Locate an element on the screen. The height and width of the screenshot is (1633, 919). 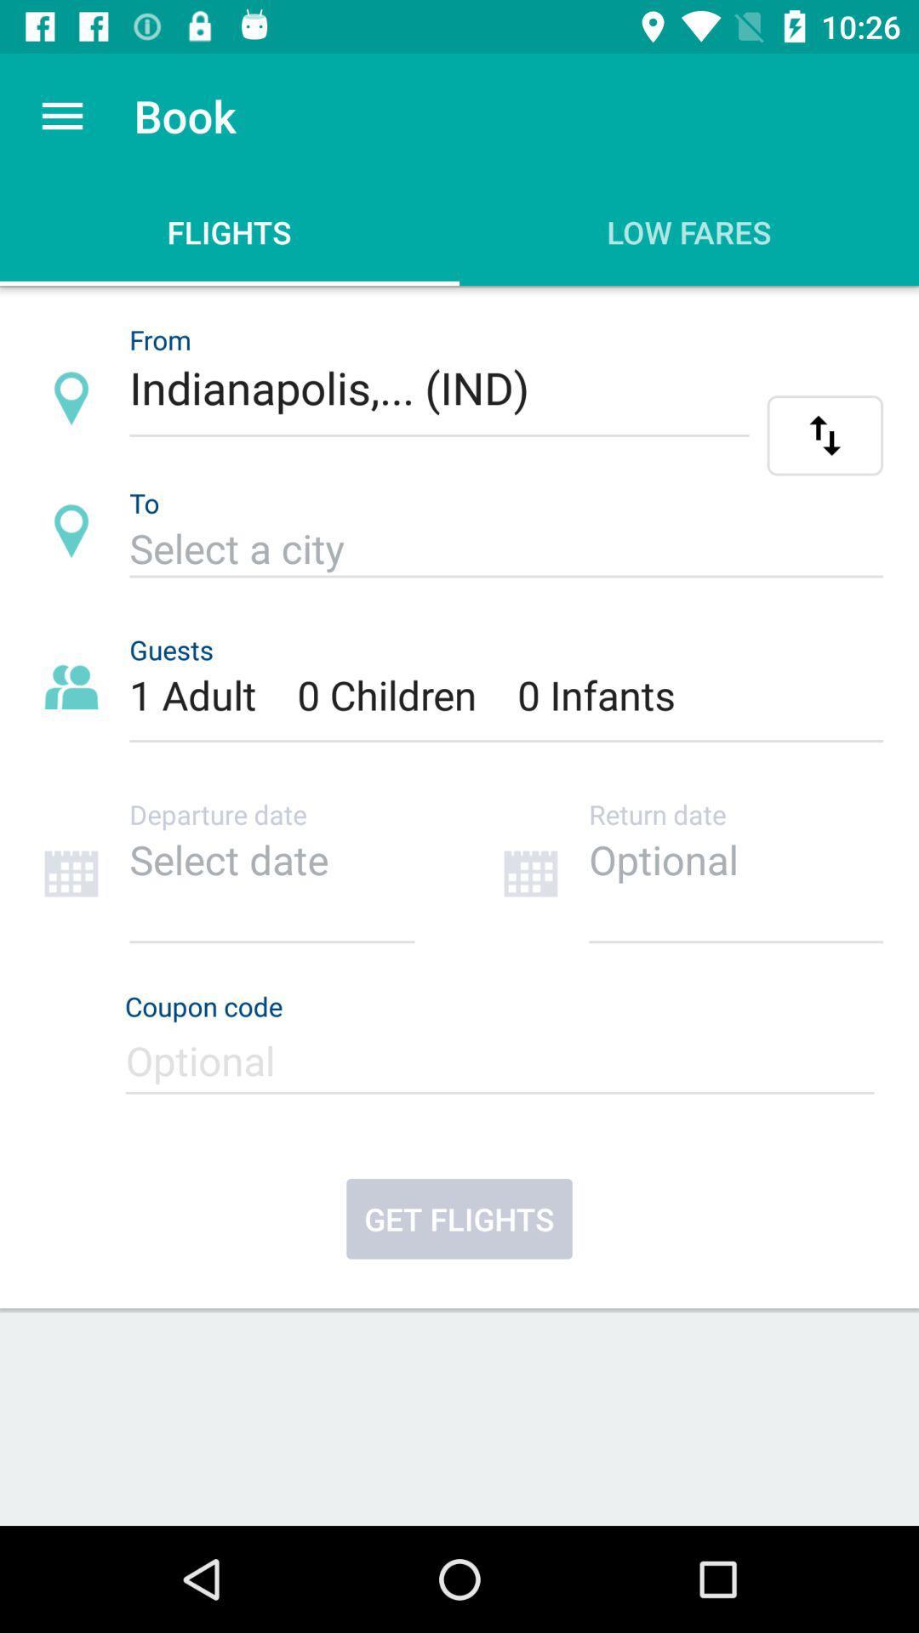
the icon to the left of the book is located at coordinates (61, 115).